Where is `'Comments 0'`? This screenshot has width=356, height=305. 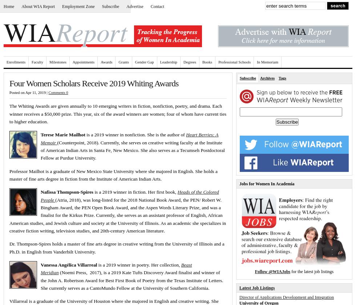 'Comments 0' is located at coordinates (58, 92).